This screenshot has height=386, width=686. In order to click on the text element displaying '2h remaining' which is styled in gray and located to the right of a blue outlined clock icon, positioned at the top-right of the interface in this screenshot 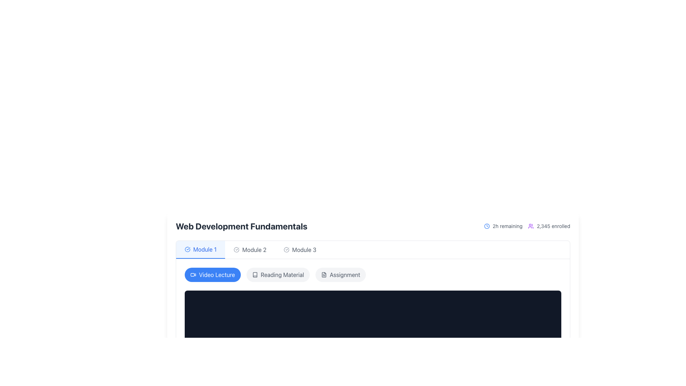, I will do `click(503, 226)`.